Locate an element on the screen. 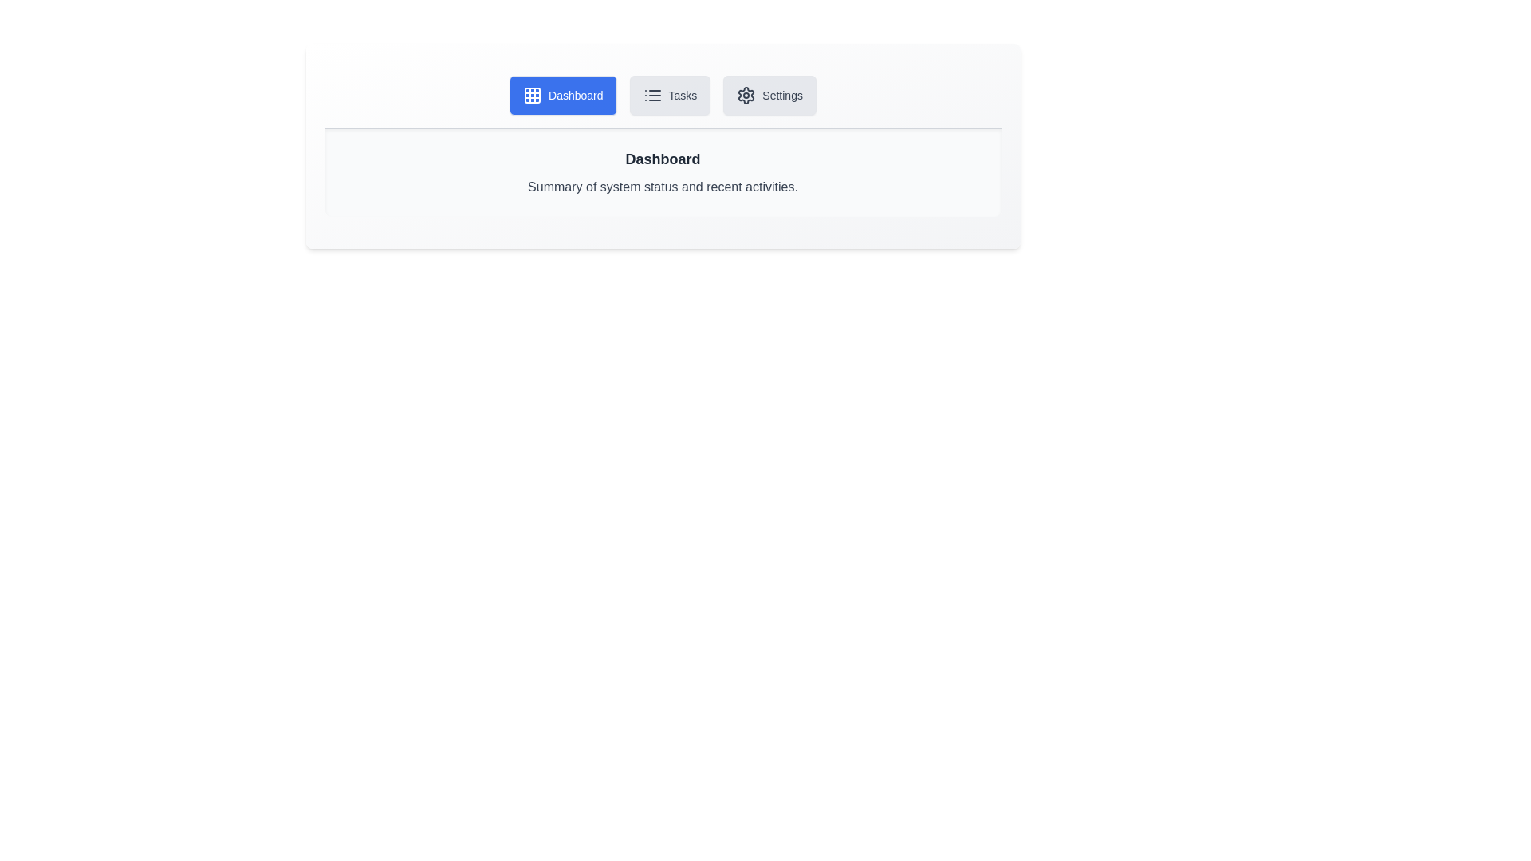 Image resolution: width=1531 pixels, height=861 pixels. the Dashboard tab is located at coordinates (563, 95).